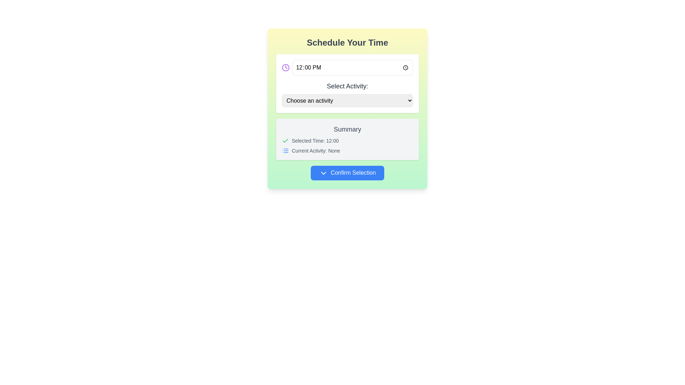 The height and width of the screenshot is (385, 685). What do you see at coordinates (347, 42) in the screenshot?
I see `the bold text label that says 'Schedule Your Time', which is positioned at the top center of the panel with a gradient background` at bounding box center [347, 42].